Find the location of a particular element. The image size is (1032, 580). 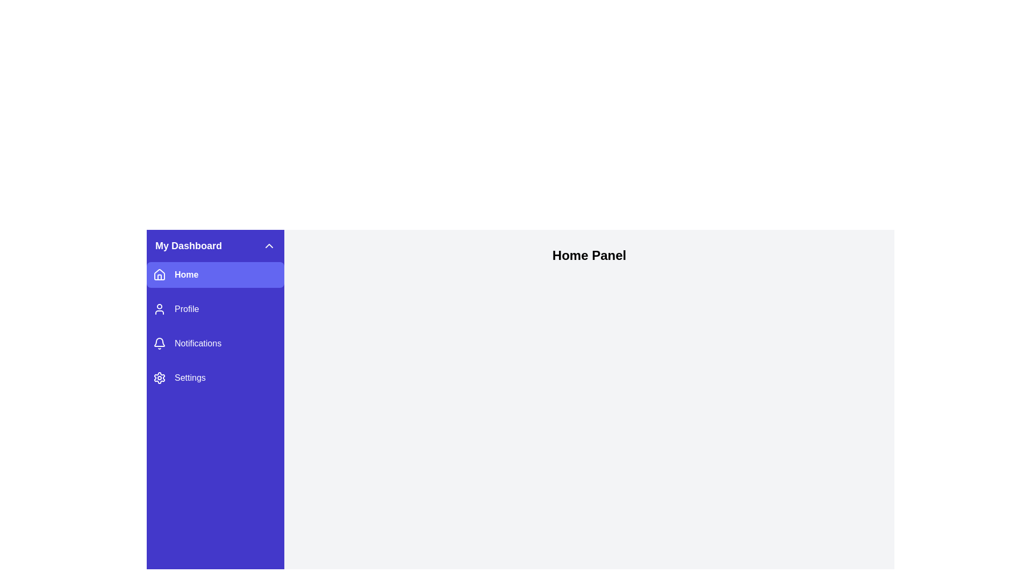

the Text Label that indicates the user's dashboard in the upper-left corner of the side navigation menu is located at coordinates (188, 246).